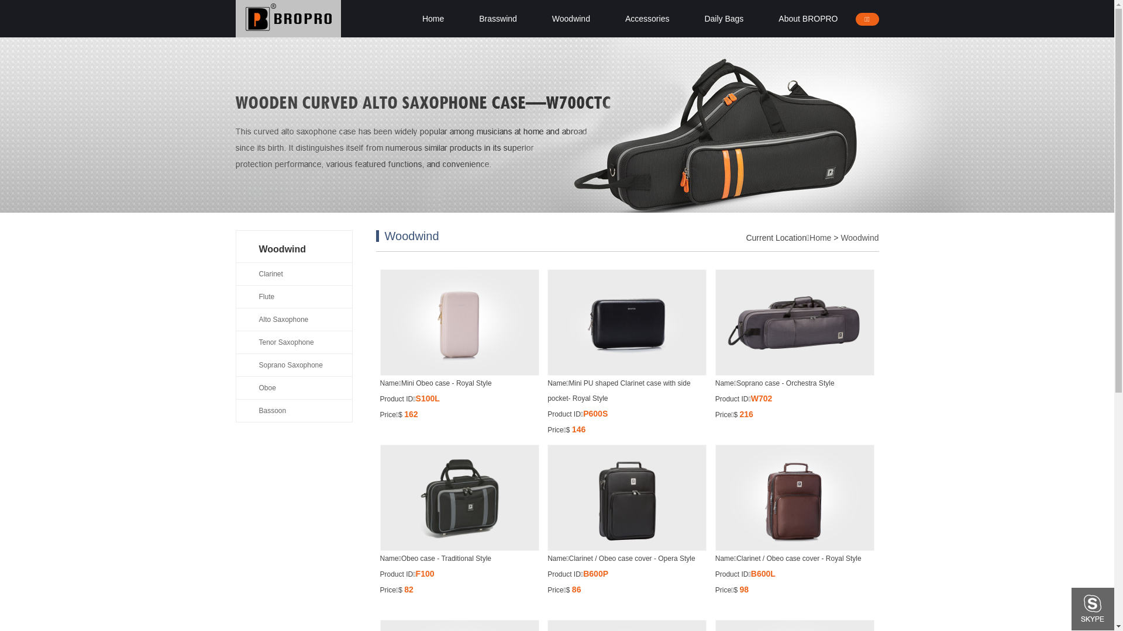  I want to click on 'Clarinet', so click(293, 273).